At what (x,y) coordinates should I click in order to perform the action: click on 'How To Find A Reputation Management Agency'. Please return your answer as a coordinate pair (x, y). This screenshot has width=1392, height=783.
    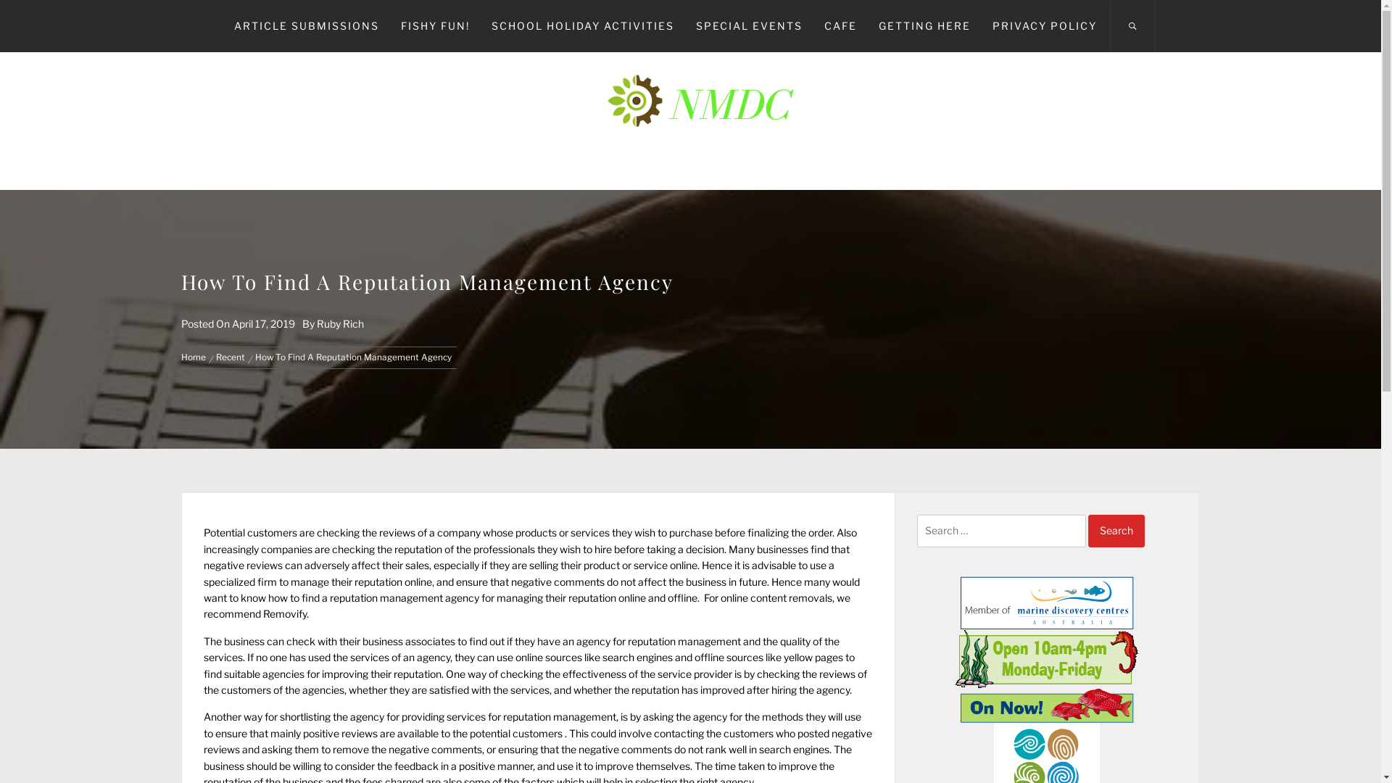
    Looking at the image, I should click on (353, 357).